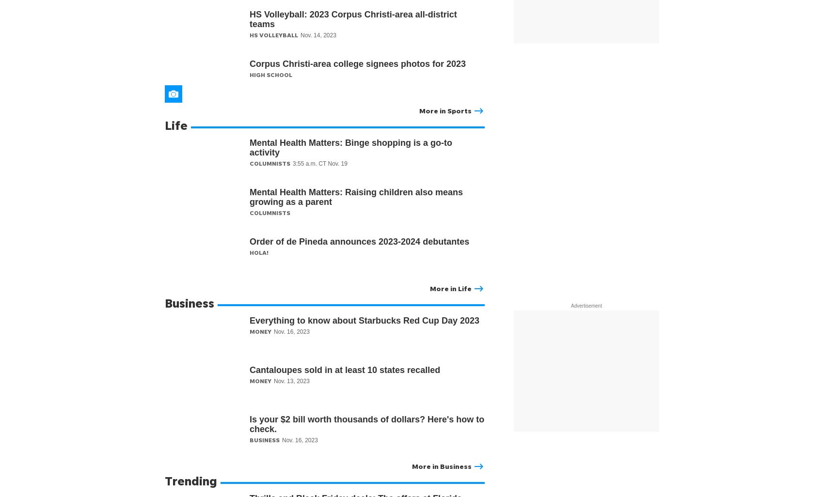  Describe the element at coordinates (451, 288) in the screenshot. I see `'More in Life'` at that location.